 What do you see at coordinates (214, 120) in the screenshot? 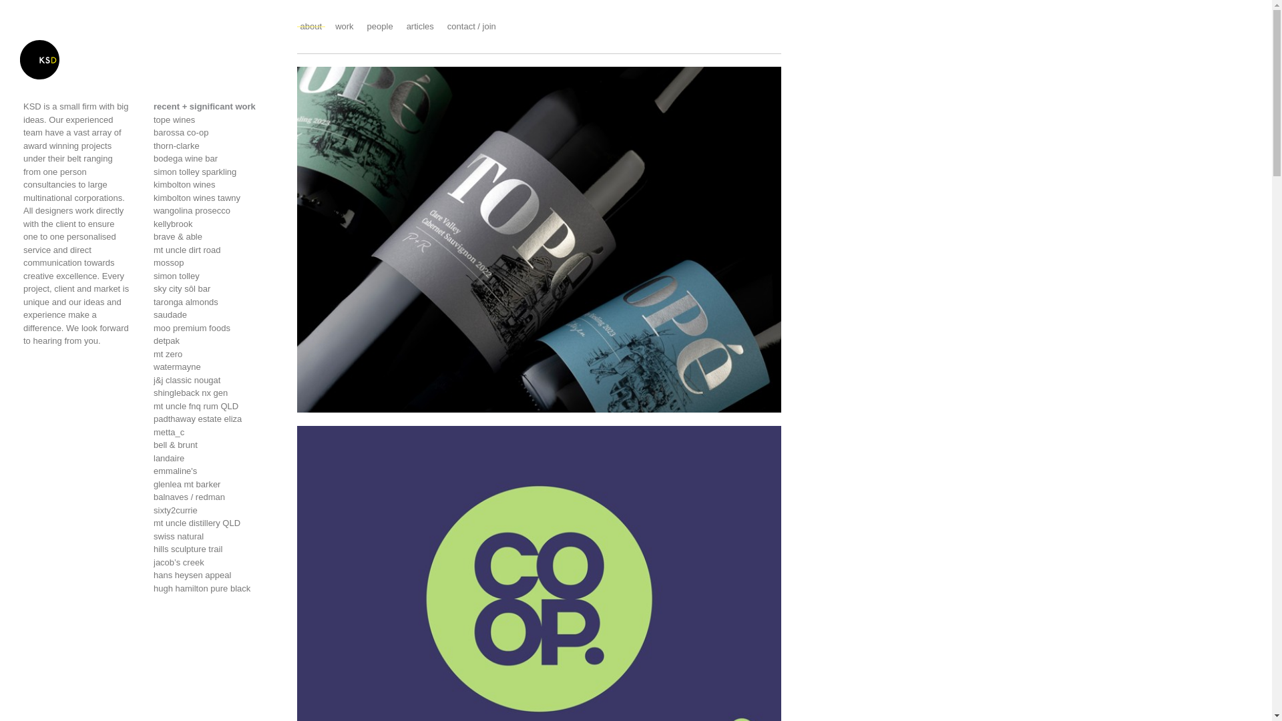
I see `'tope wines'` at bounding box center [214, 120].